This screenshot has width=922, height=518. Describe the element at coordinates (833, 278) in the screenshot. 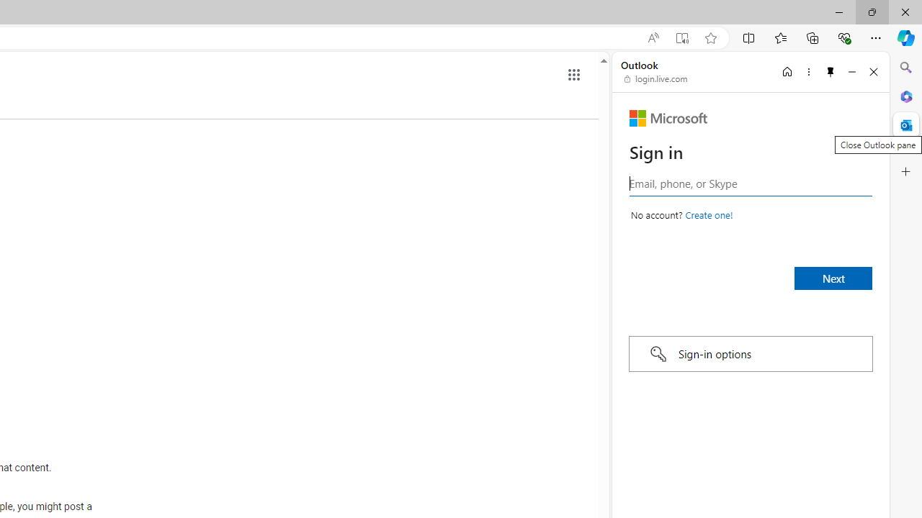

I see `'Next'` at that location.